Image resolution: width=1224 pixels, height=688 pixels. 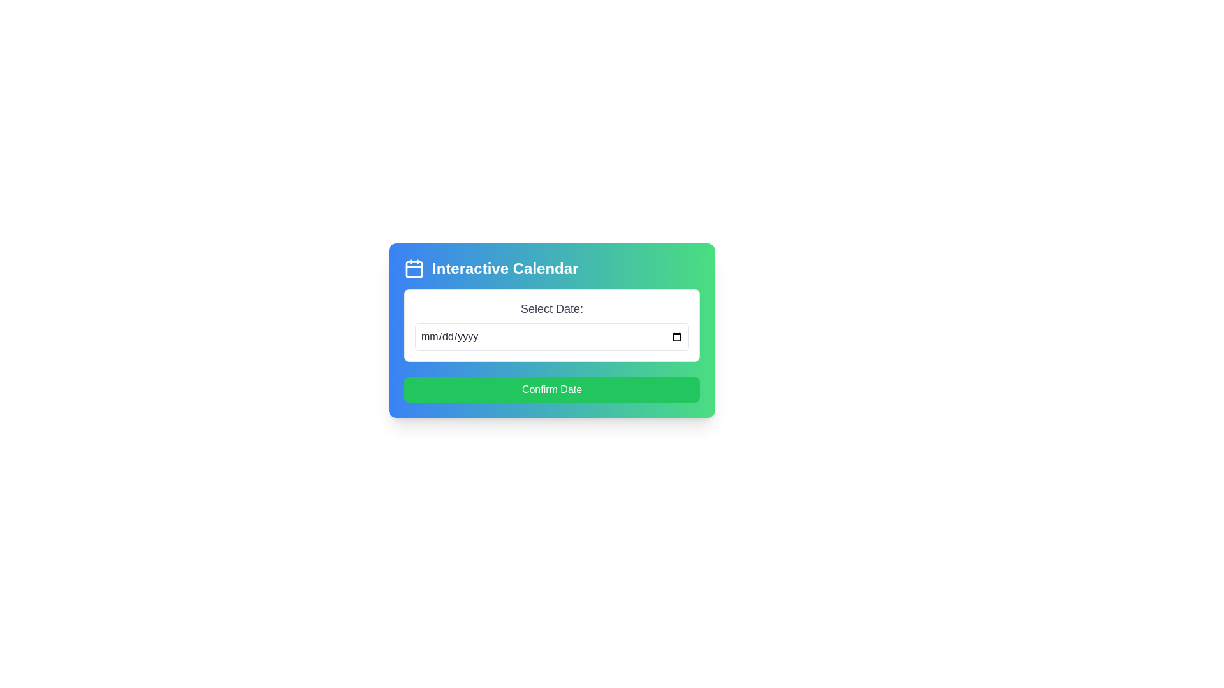 What do you see at coordinates (414, 269) in the screenshot?
I see `the central part of the calendar icon, which is located to the left of the text 'Interactive Calendar' in the modal window` at bounding box center [414, 269].